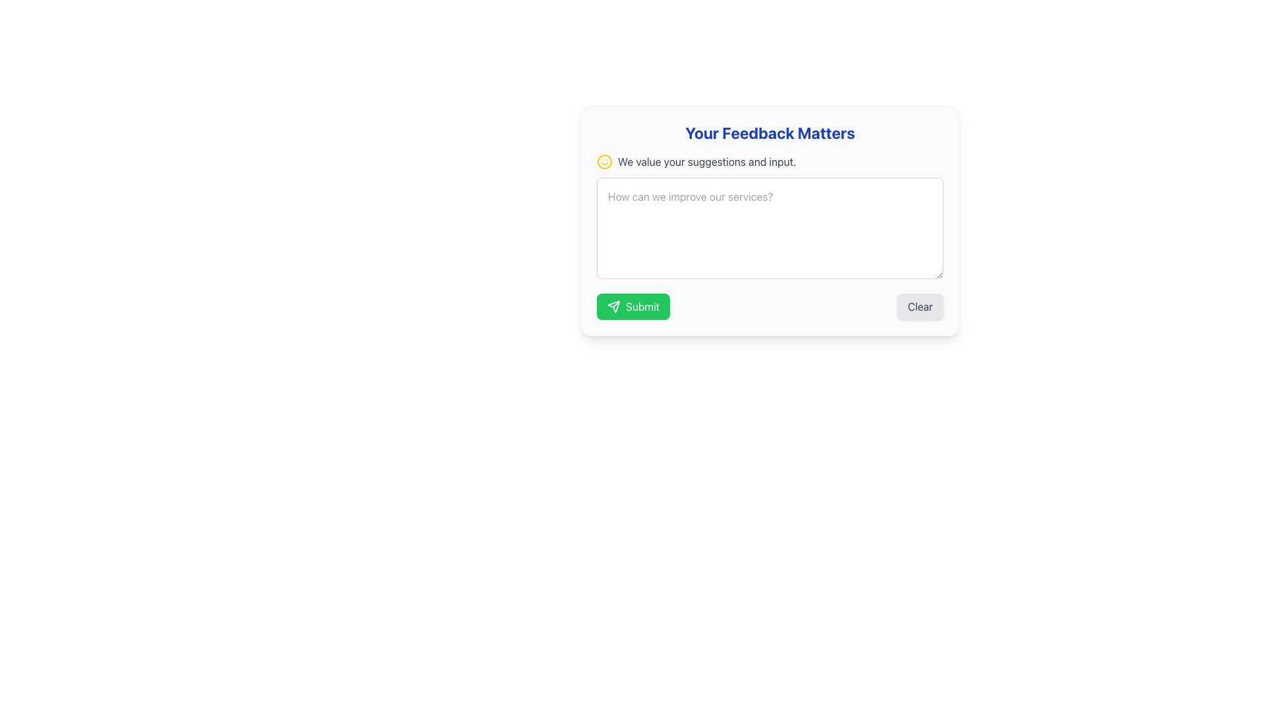  Describe the element at coordinates (613, 307) in the screenshot. I see `the 'Submit' button which contains the feedback submission icon, located at the bottom-center of the feedback form` at that location.